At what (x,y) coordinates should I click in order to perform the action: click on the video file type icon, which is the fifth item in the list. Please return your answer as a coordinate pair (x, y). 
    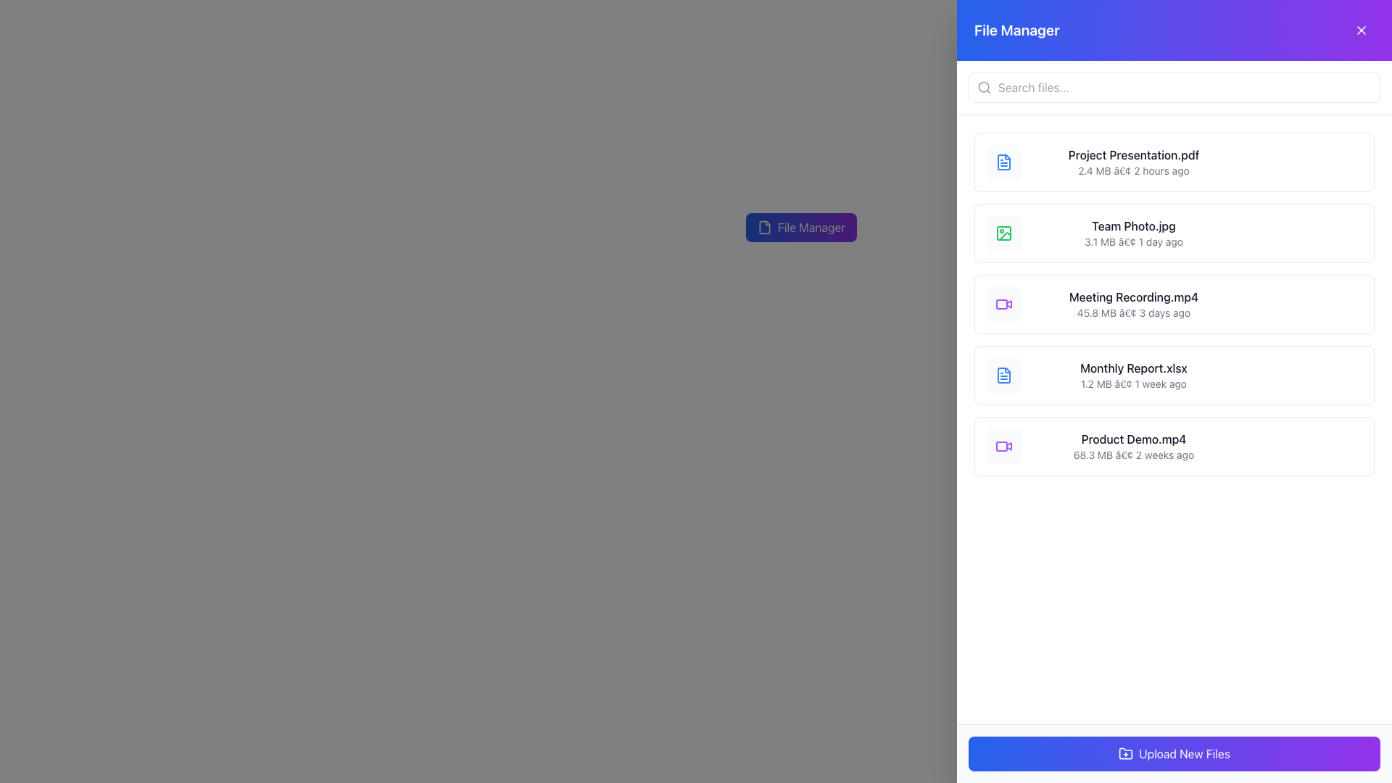
    Looking at the image, I should click on (1001, 304).